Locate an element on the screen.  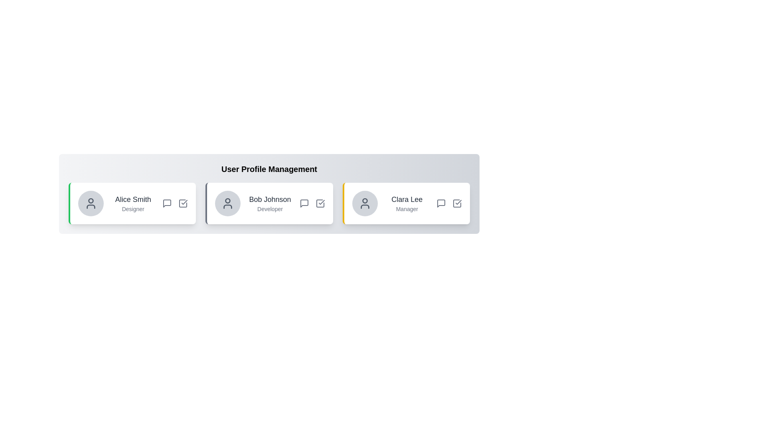
the icon button located to the right of 'Bob Johnson' and left of the pencil icon is located at coordinates (304, 203).